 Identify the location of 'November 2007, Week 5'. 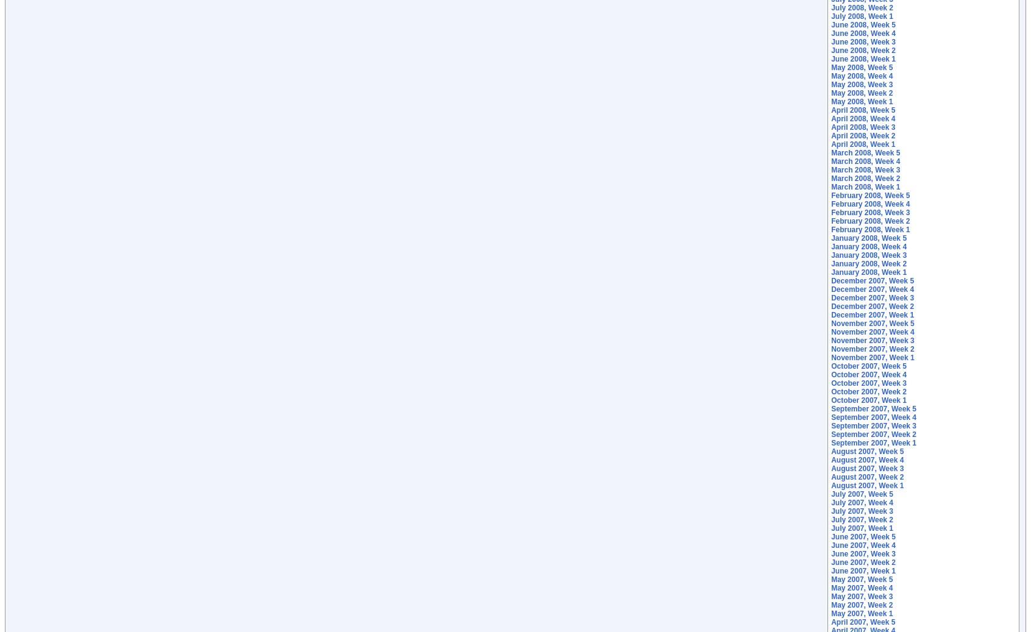
(871, 324).